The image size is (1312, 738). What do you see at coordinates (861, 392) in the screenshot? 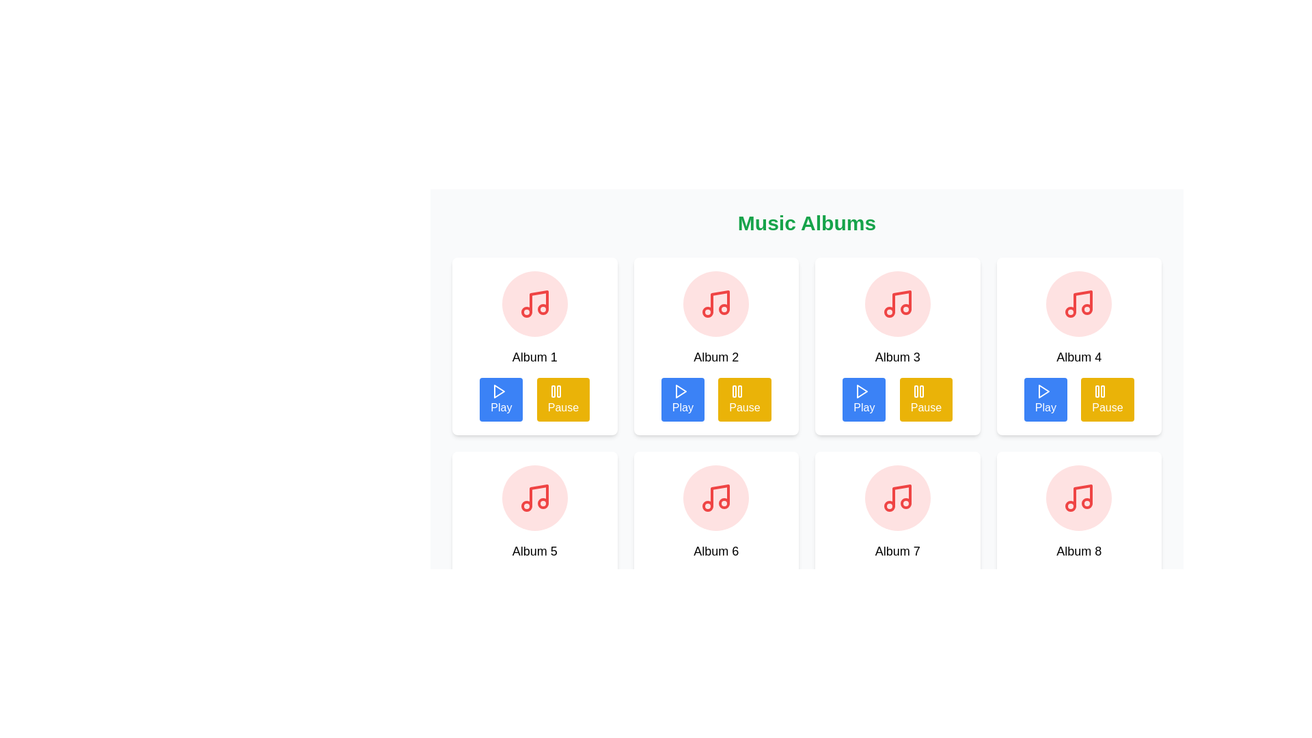
I see `the 'Play' icon for the music album represented by 'Album 3' in the grid layout` at bounding box center [861, 392].